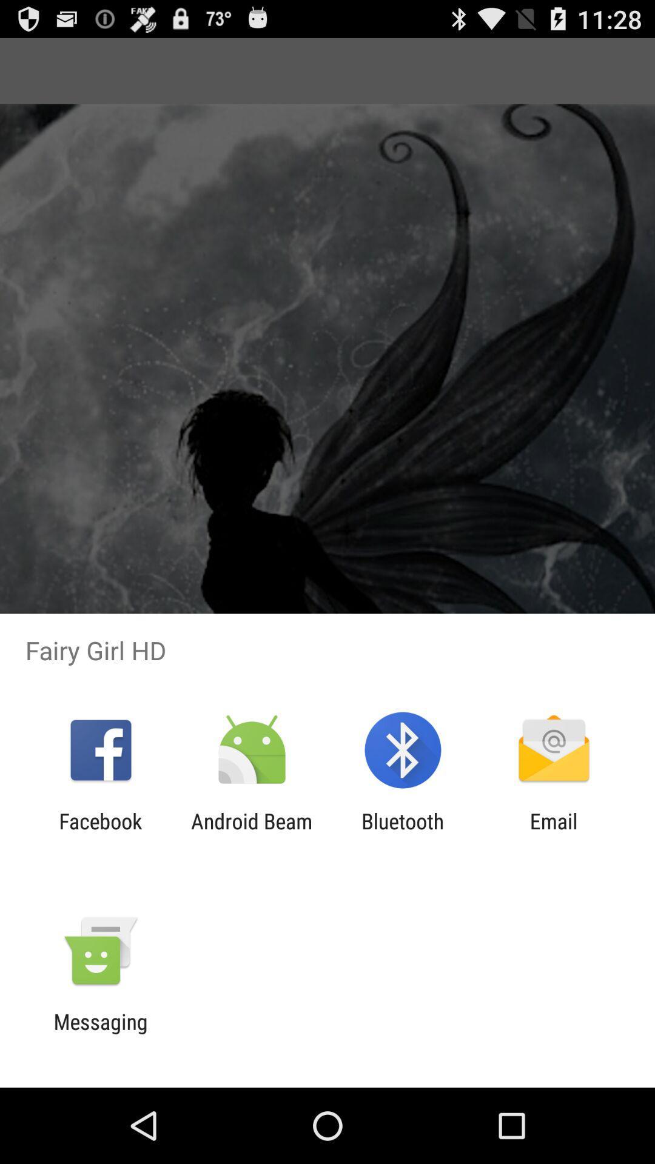 This screenshot has width=655, height=1164. I want to click on app to the right of the facebook app, so click(251, 833).